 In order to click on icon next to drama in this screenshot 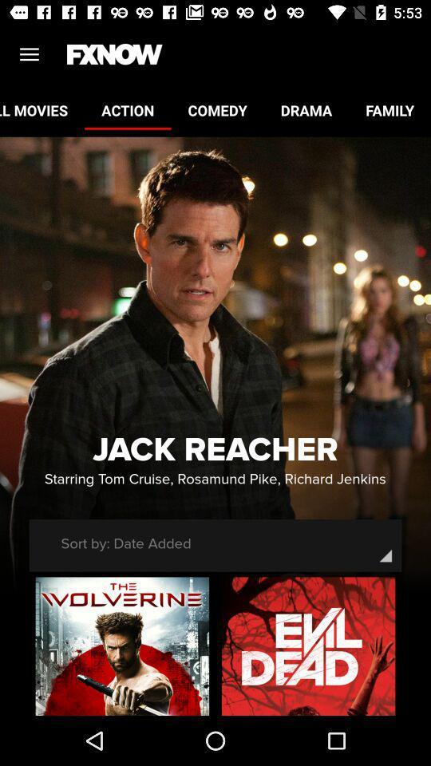, I will do `click(389, 109)`.